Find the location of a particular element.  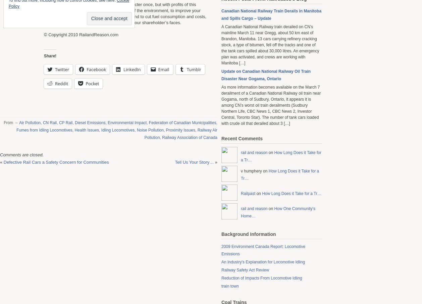

'Twitter' is located at coordinates (55, 69).